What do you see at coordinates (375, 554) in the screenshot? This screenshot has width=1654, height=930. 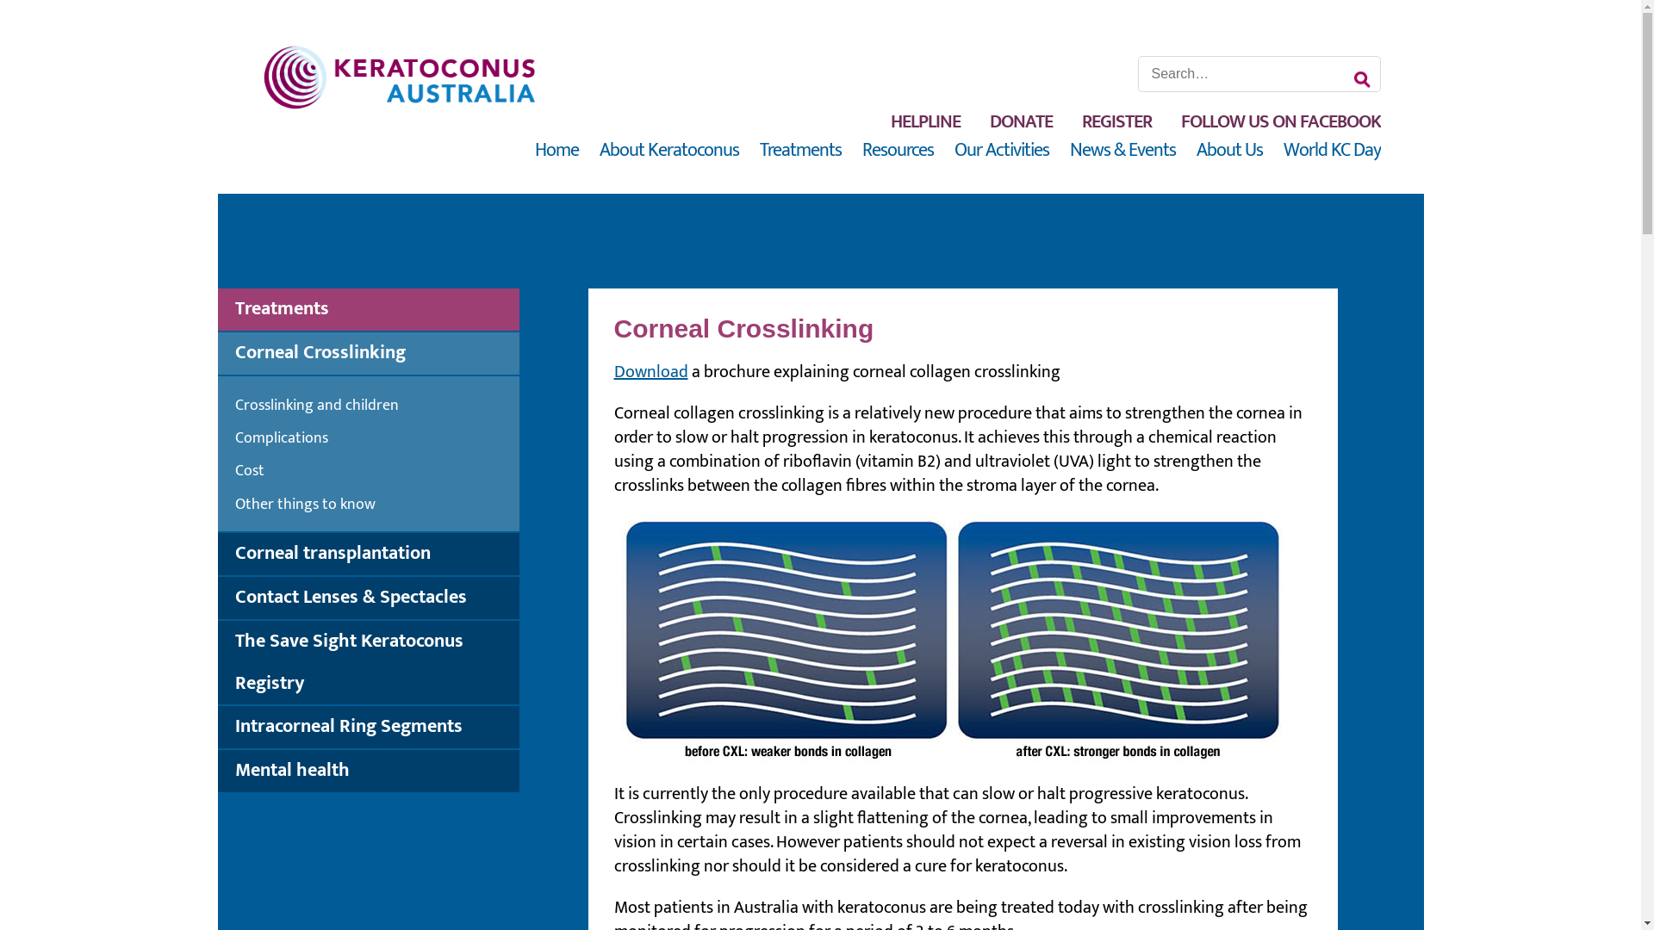 I see `'Corneal transplantation'` at bounding box center [375, 554].